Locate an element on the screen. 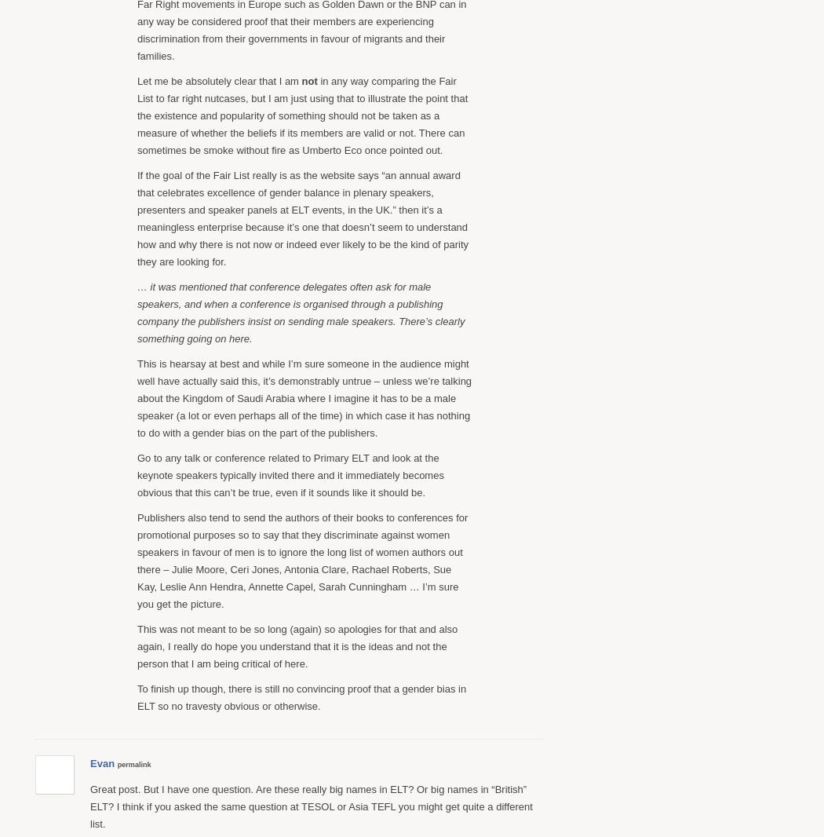 The image size is (824, 837). '… it was mentioned that conference delegates often ask for male speakers, and when a conference is organised through a publishing company the publishers insist on sending male speakers. There’s clearly something going on here.' is located at coordinates (301, 312).